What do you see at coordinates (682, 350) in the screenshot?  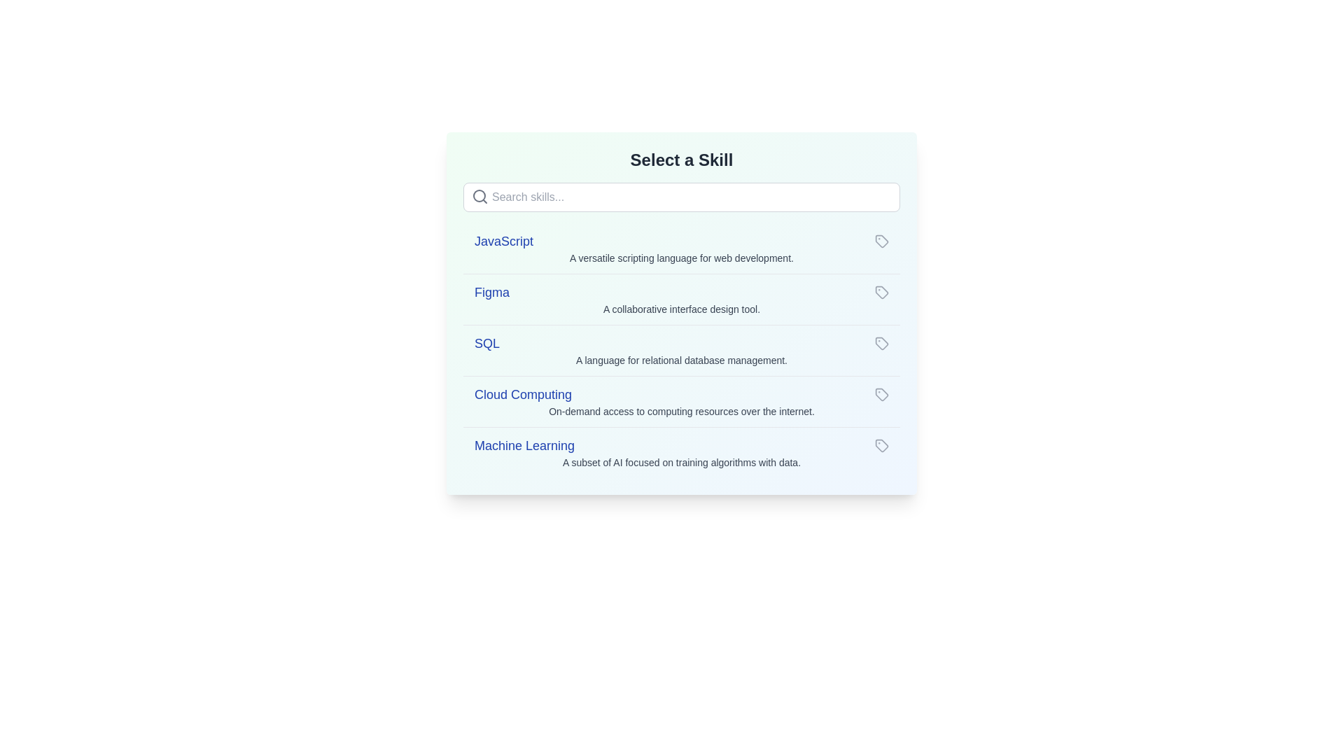 I see `the third selectable list item detailing SQL, which is positioned below the 'Select a Skill' heading` at bounding box center [682, 350].